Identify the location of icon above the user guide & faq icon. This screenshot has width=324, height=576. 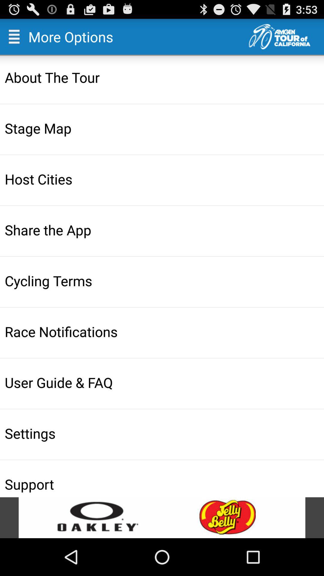
(163, 331).